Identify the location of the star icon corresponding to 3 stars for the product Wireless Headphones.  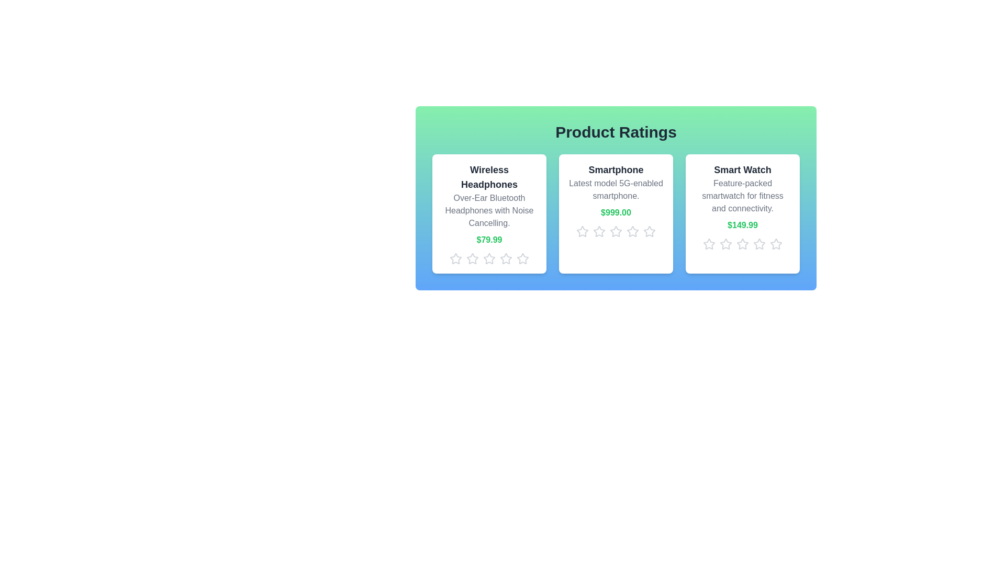
(489, 258).